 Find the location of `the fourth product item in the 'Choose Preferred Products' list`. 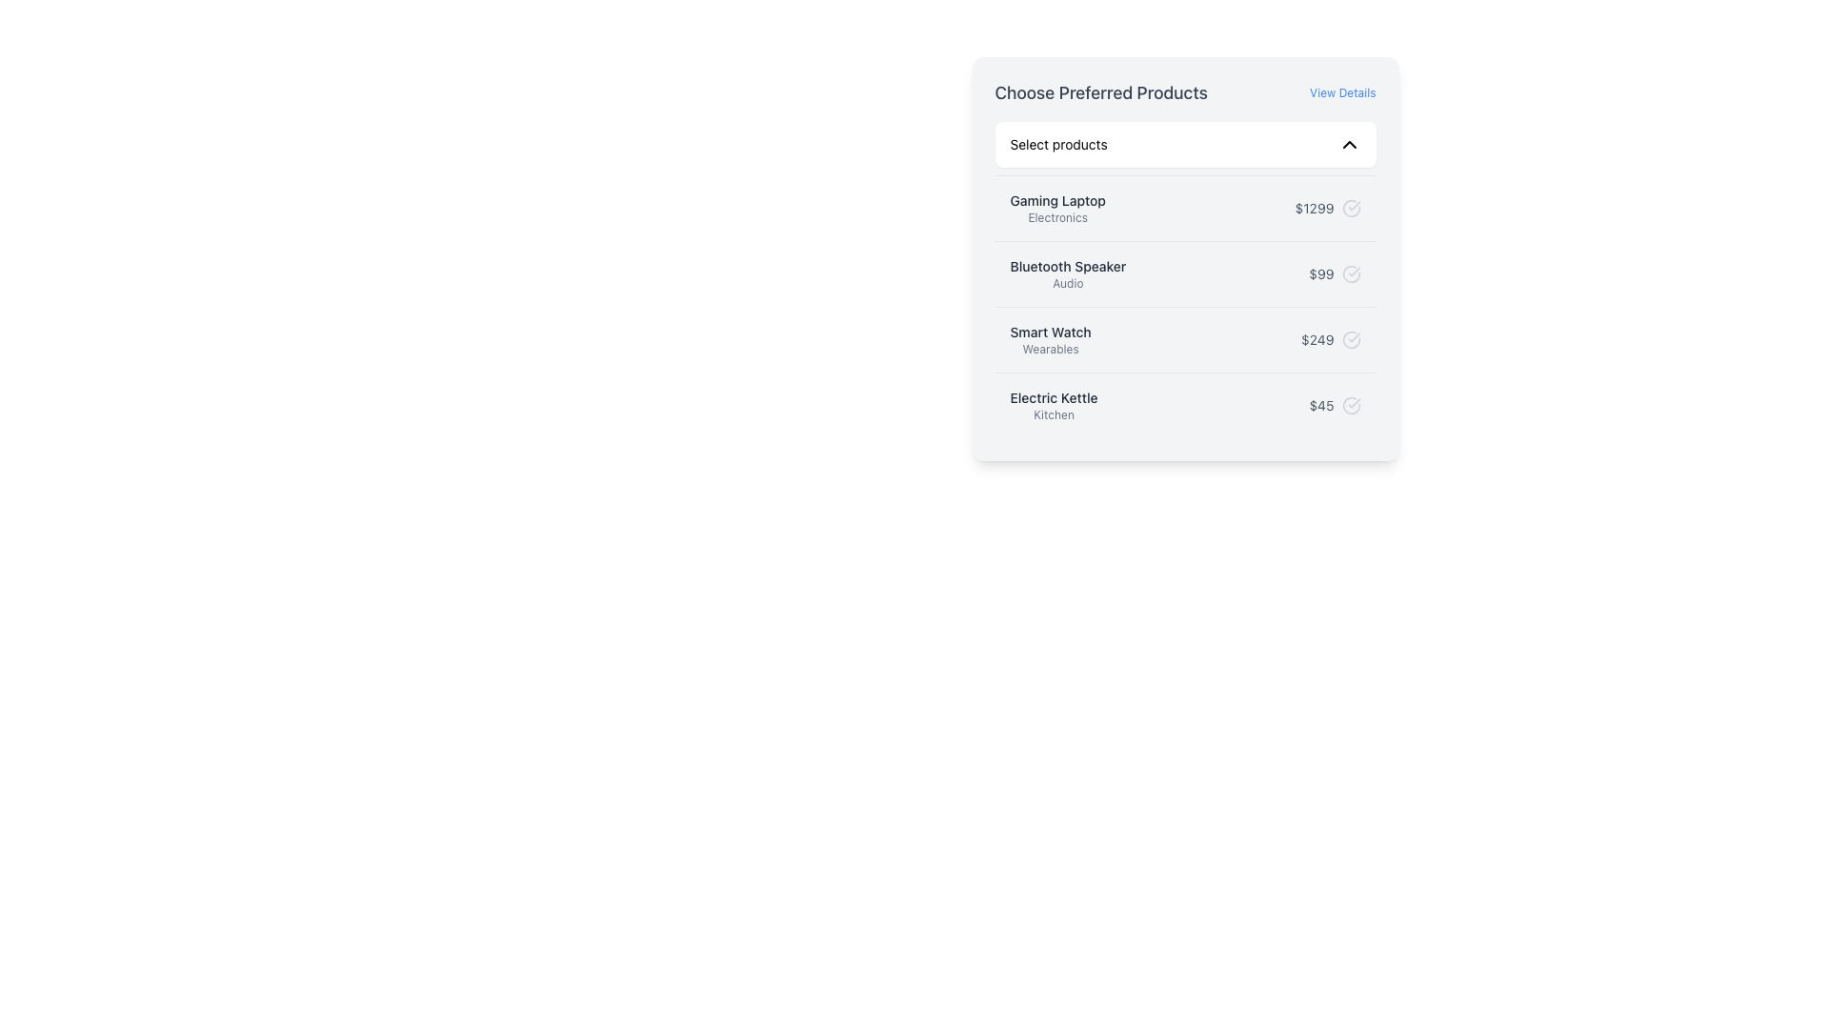

the fourth product item in the 'Choose Preferred Products' list is located at coordinates (1184, 404).